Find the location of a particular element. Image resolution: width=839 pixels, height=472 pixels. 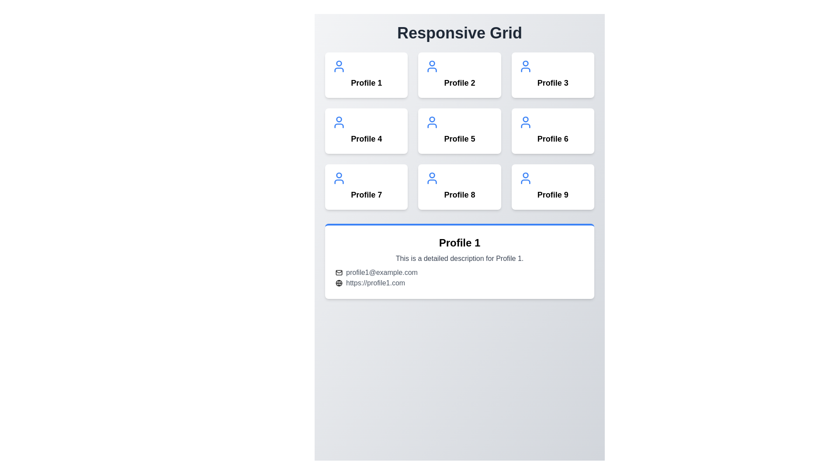

the profile card labeled 'Profile 5' in the central position of the grid layout containing clickable items representing profiles is located at coordinates (459, 131).